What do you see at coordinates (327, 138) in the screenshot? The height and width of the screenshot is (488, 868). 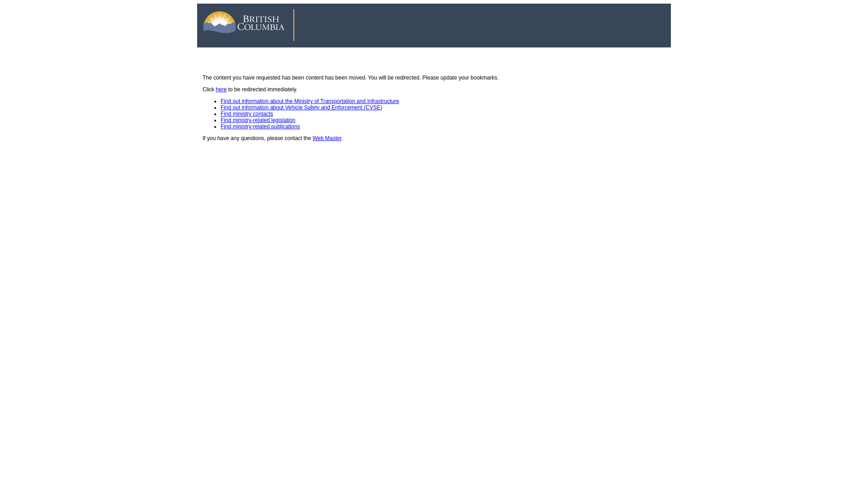 I see `'Web Master'` at bounding box center [327, 138].